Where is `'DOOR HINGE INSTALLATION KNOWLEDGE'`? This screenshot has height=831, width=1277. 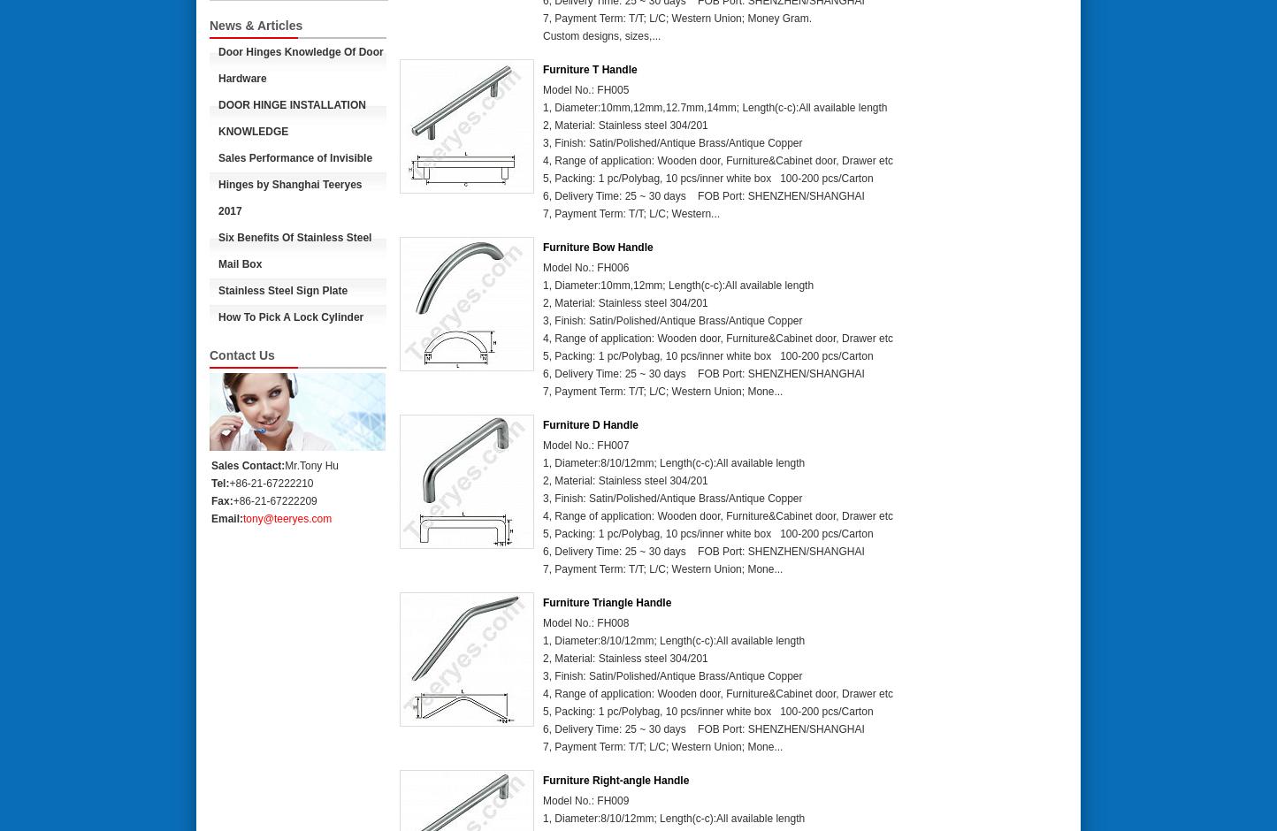 'DOOR HINGE INSTALLATION KNOWLEDGE' is located at coordinates (290, 118).